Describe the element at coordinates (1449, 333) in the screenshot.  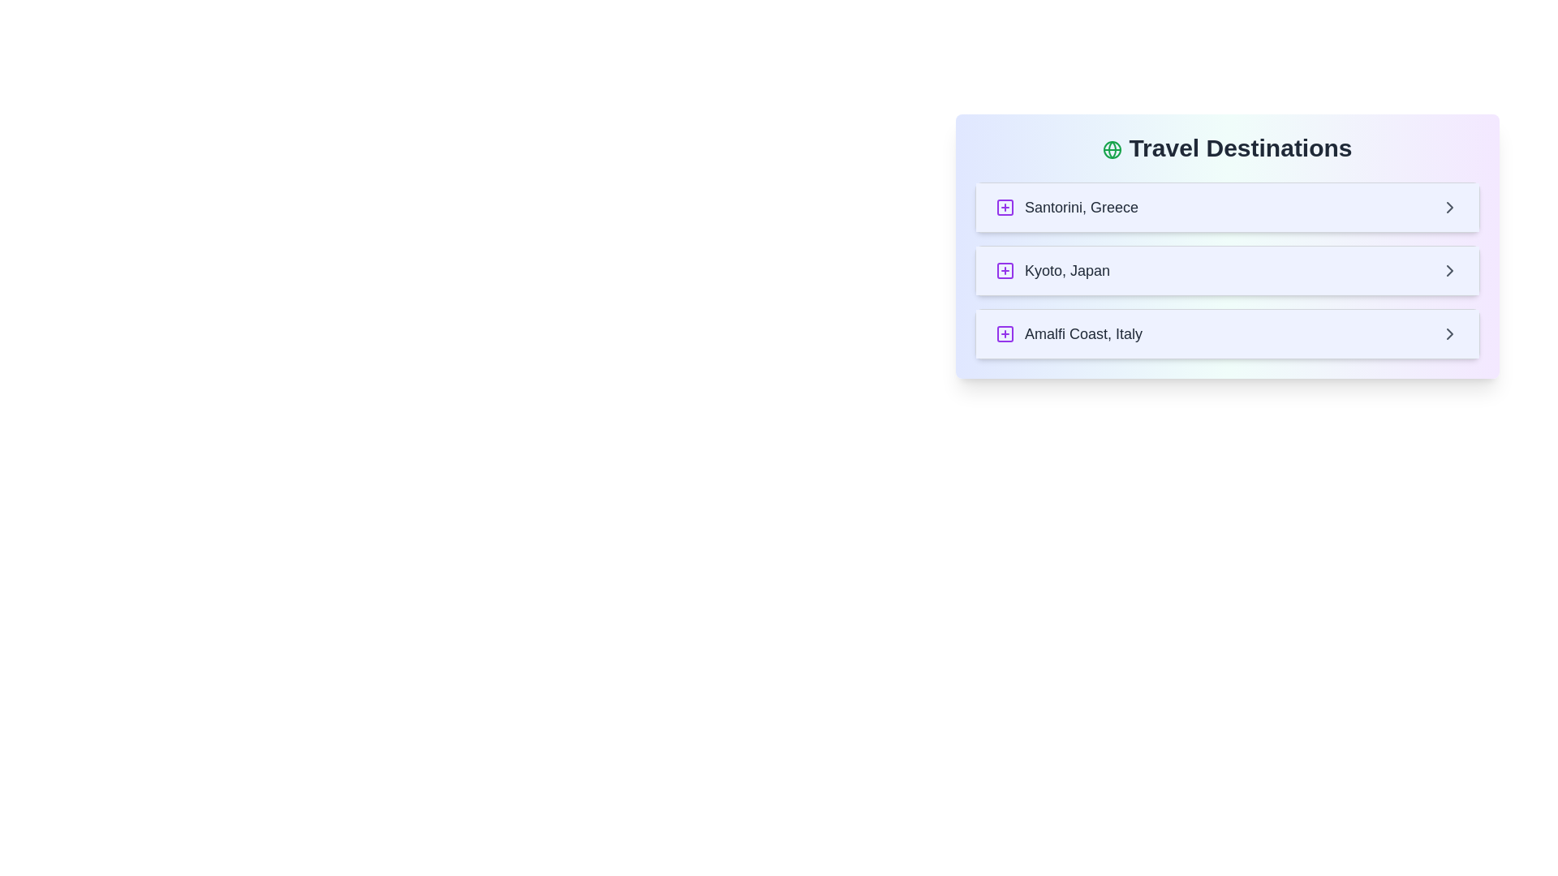
I see `the right-pointing chevron icon for navigation located at the rightmost side of the list item for 'Amalfi Coast, Italy'` at that location.